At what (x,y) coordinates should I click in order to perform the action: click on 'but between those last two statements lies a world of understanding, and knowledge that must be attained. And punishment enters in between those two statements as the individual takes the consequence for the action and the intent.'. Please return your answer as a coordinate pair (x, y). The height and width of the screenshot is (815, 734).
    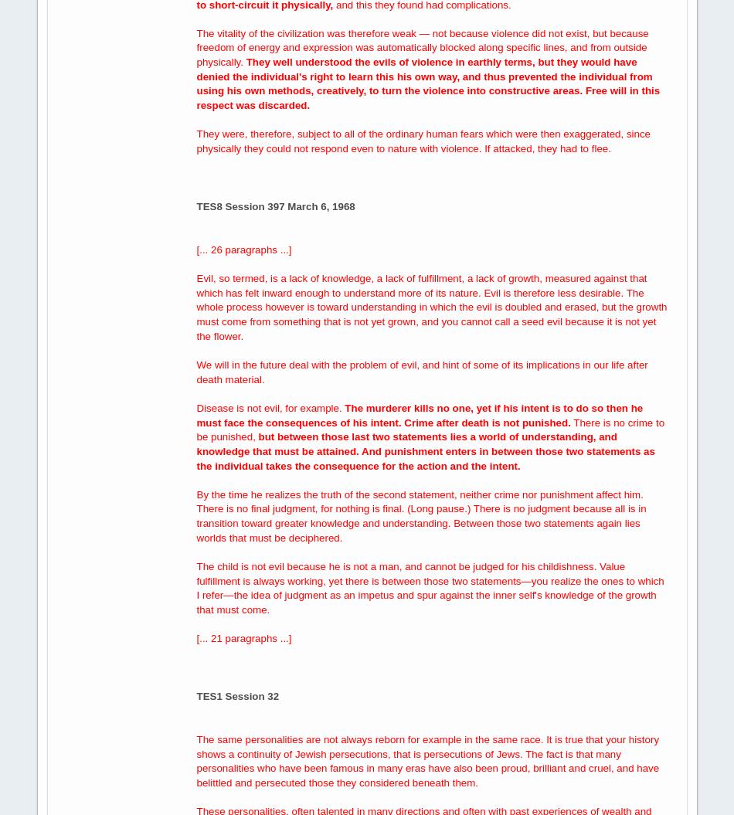
    Looking at the image, I should click on (425, 450).